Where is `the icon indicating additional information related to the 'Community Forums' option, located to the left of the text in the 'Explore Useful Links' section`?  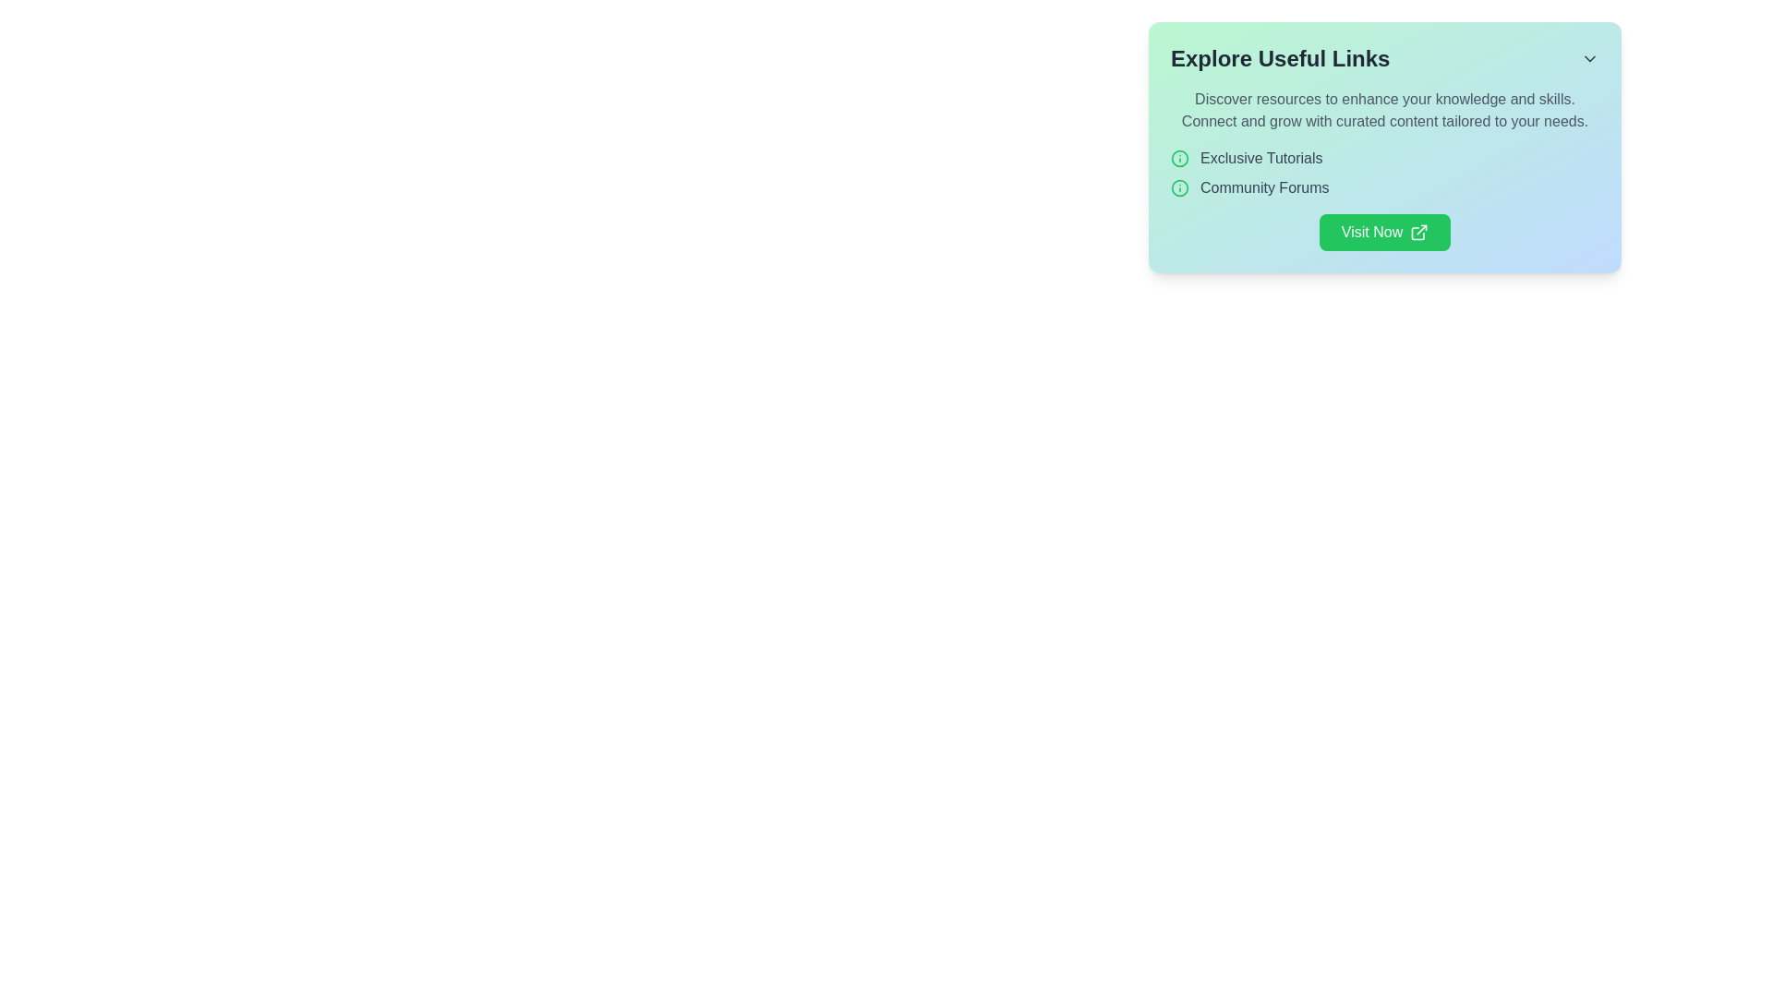 the icon indicating additional information related to the 'Community Forums' option, located to the left of the text in the 'Explore Useful Links' section is located at coordinates (1178, 188).